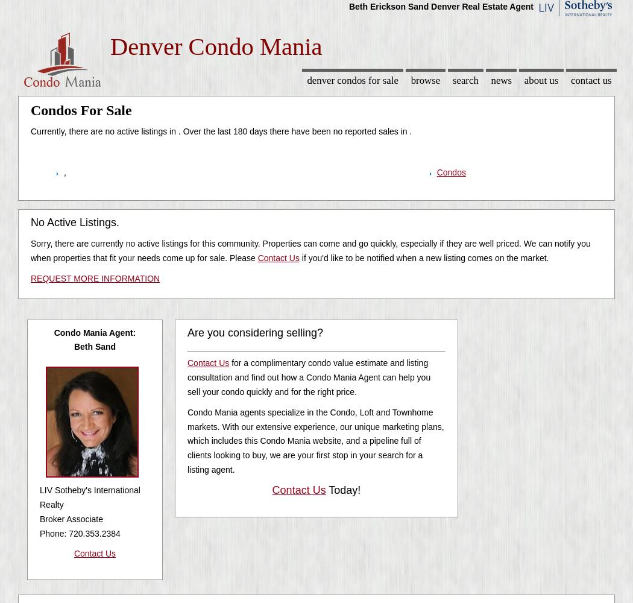  What do you see at coordinates (94, 346) in the screenshot?
I see `'Beth Sand'` at bounding box center [94, 346].